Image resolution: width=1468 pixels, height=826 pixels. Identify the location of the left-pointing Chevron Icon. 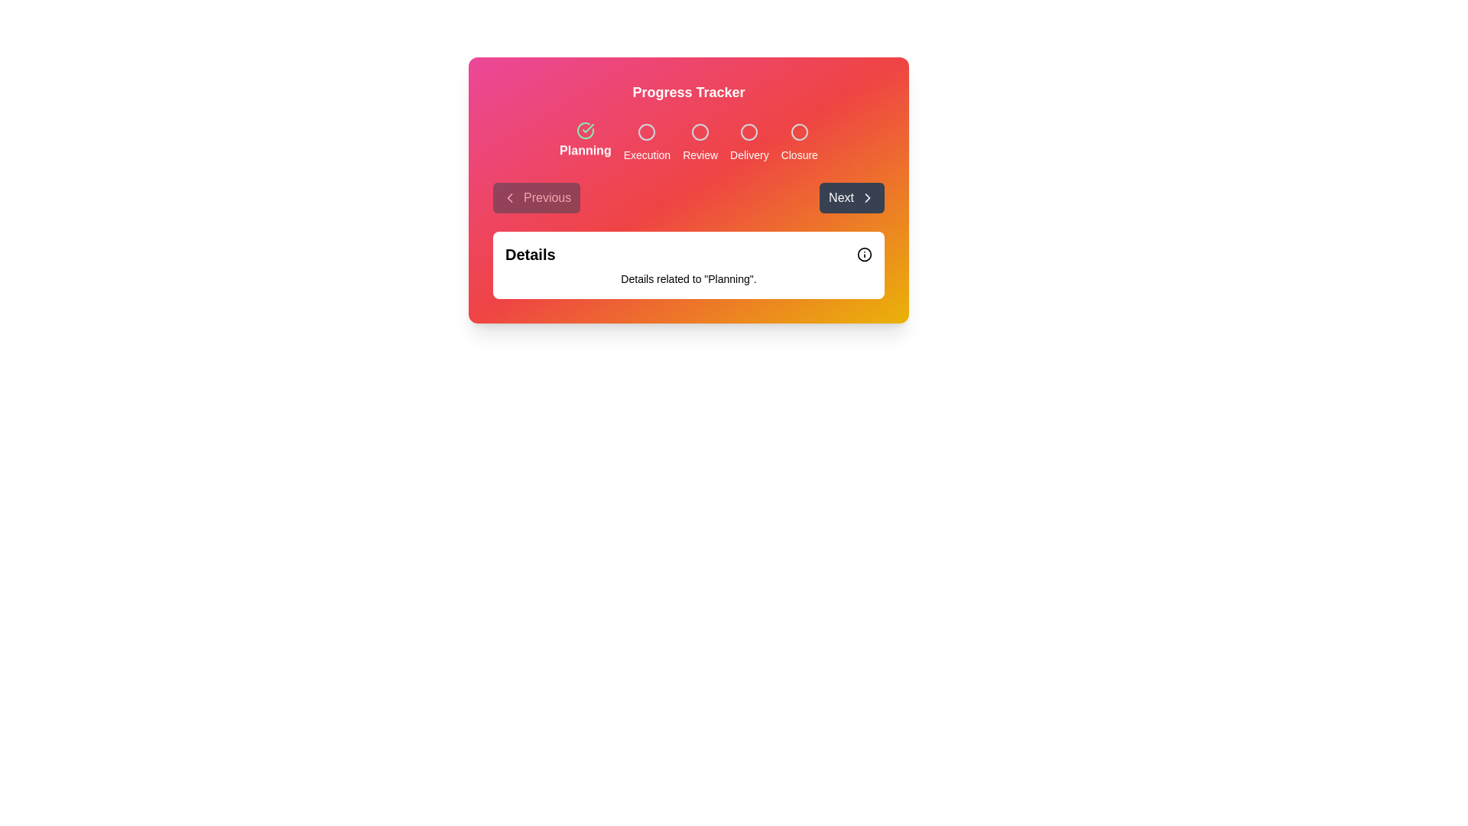
(510, 197).